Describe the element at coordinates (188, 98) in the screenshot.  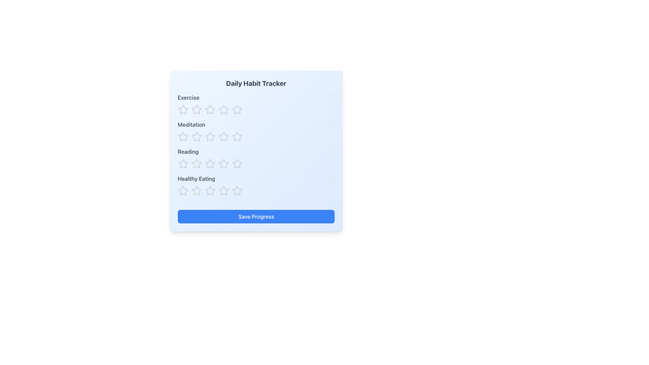
I see `the text label displaying the word 'Exercise' which is bold and gray, located at the top-left area of the user interface, aligned with the first row of habit tracking items` at that location.